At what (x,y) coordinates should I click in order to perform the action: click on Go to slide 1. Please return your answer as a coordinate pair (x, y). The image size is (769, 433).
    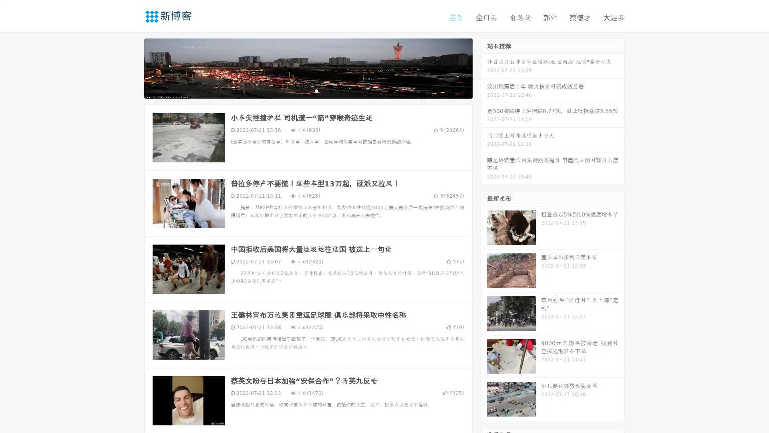
    Looking at the image, I should click on (300, 90).